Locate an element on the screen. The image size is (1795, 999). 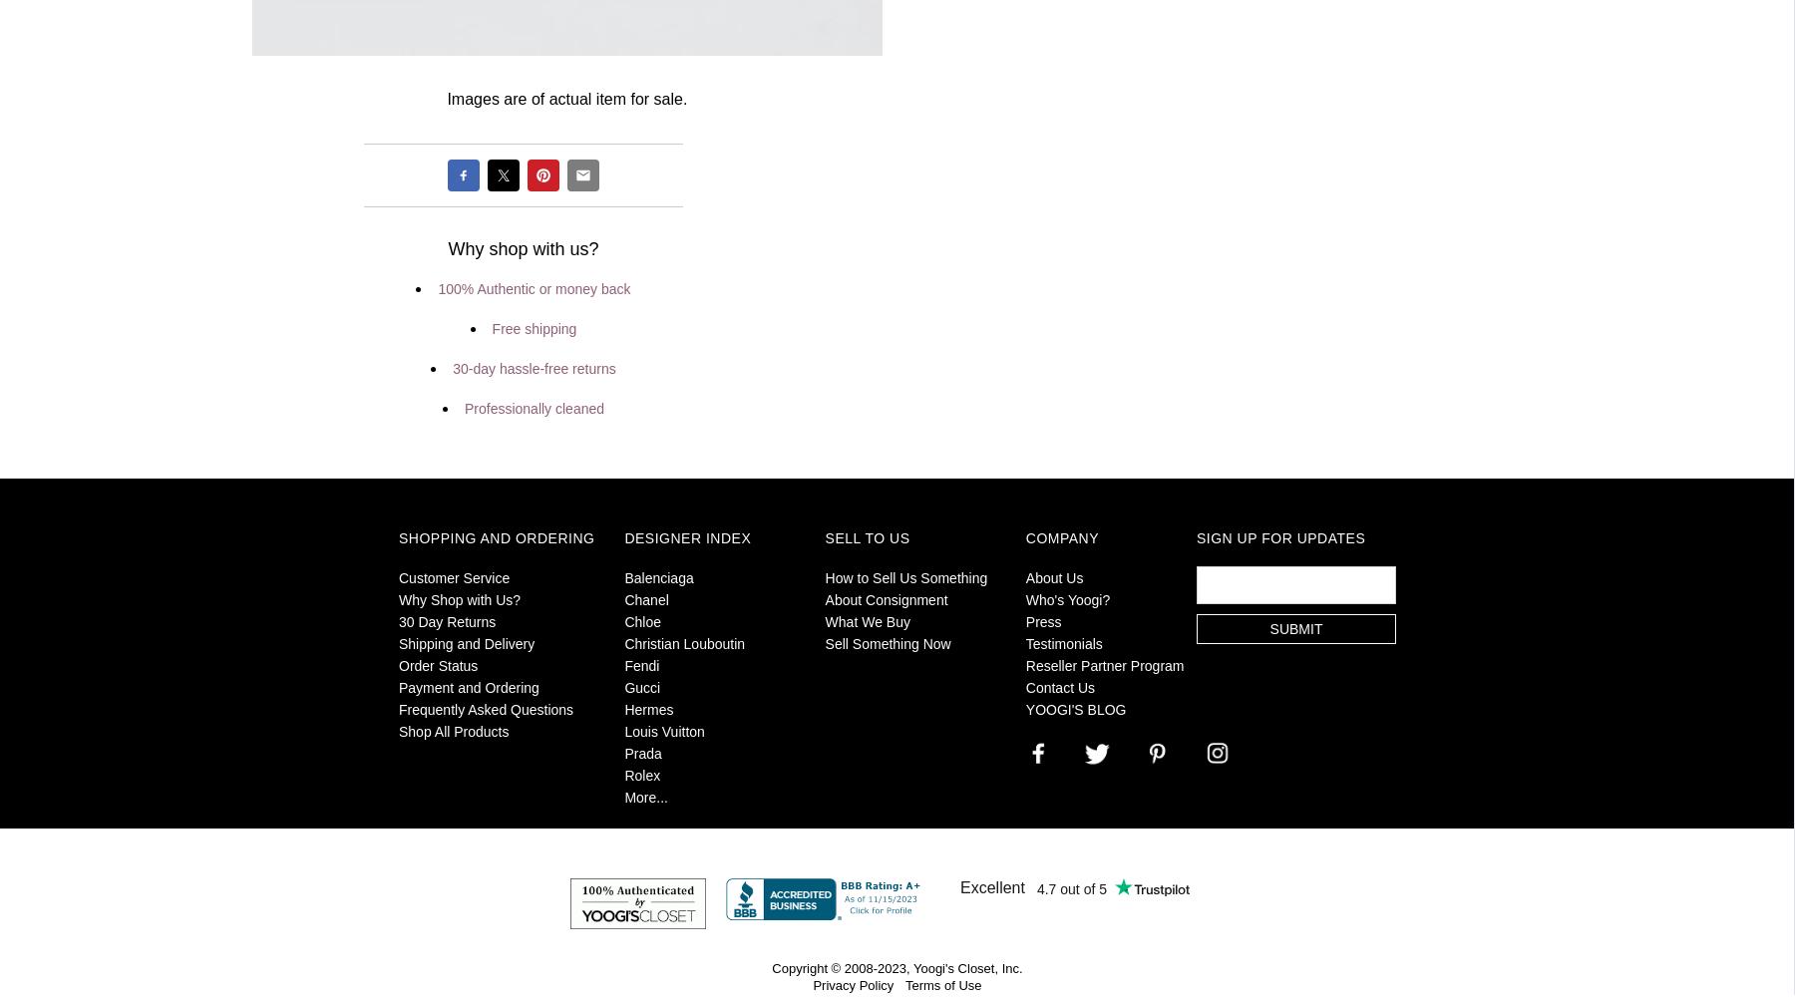
'Press' is located at coordinates (1024, 620).